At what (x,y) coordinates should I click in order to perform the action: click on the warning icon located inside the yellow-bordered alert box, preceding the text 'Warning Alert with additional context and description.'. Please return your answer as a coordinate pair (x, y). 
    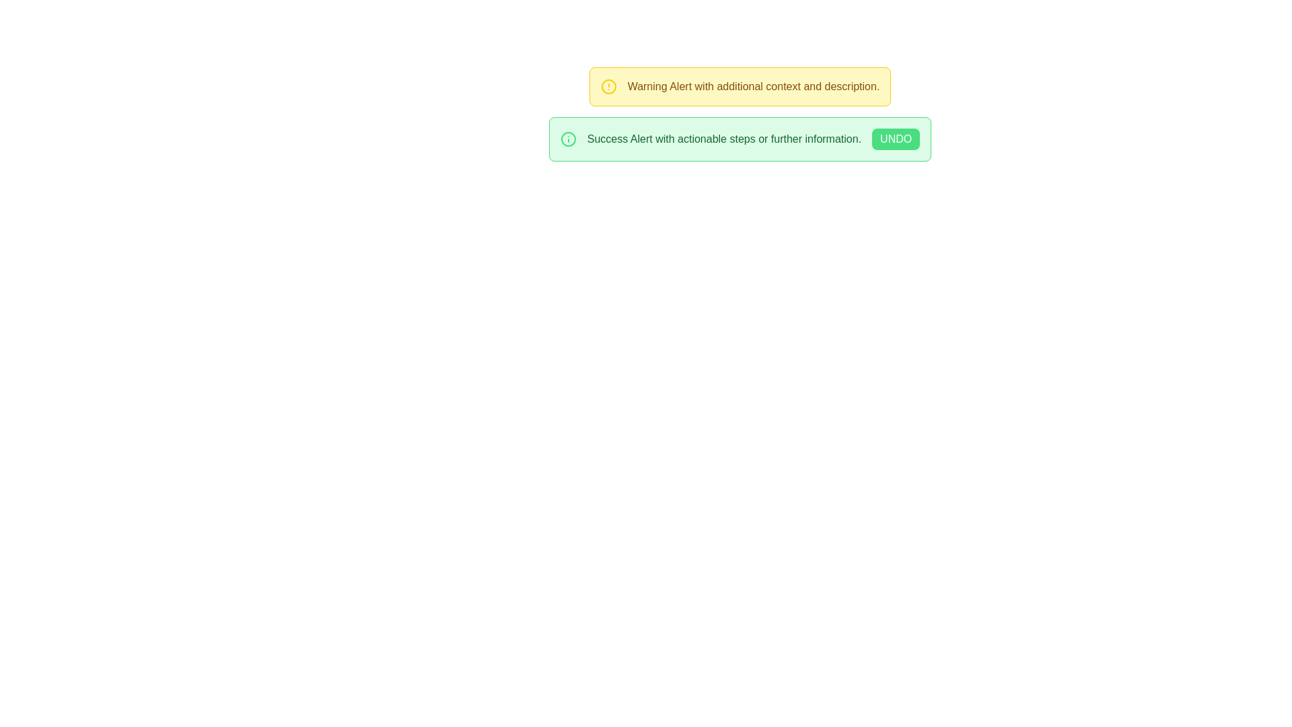
    Looking at the image, I should click on (608, 86).